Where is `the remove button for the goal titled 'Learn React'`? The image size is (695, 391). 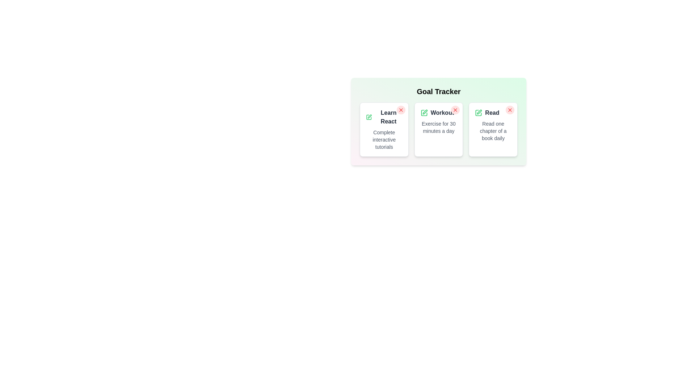 the remove button for the goal titled 'Learn React' is located at coordinates (400, 110).